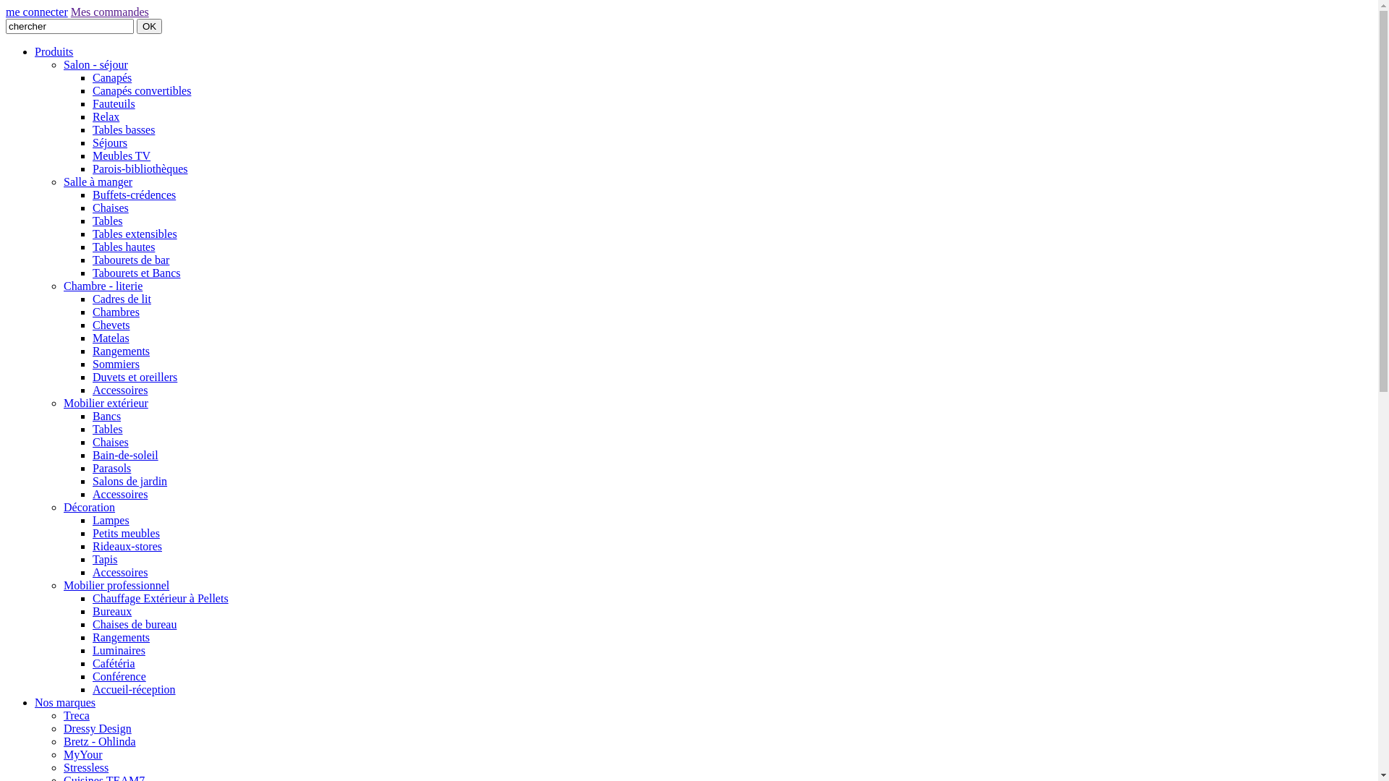  Describe the element at coordinates (149, 26) in the screenshot. I see `'OK'` at that location.